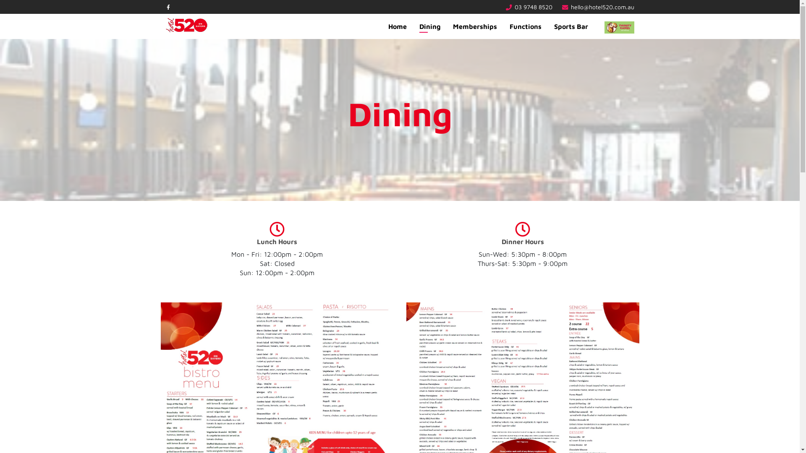  I want to click on 'Functions', so click(525, 26).